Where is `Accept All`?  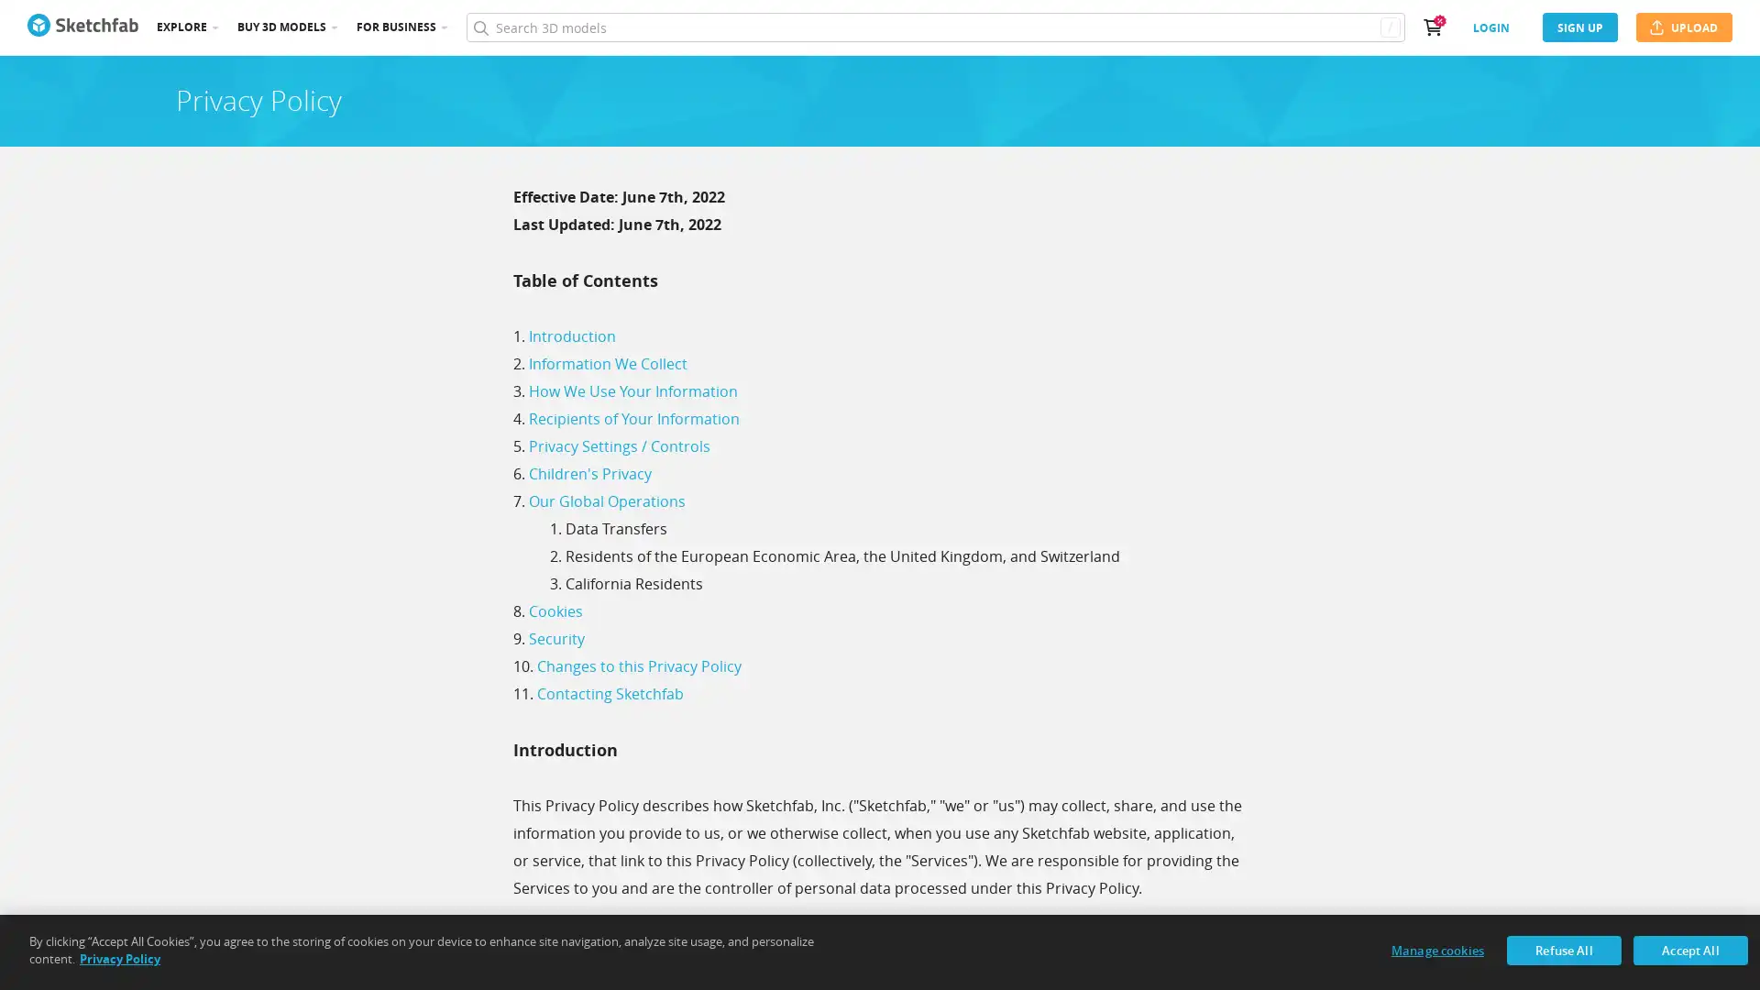 Accept All is located at coordinates (1689, 950).